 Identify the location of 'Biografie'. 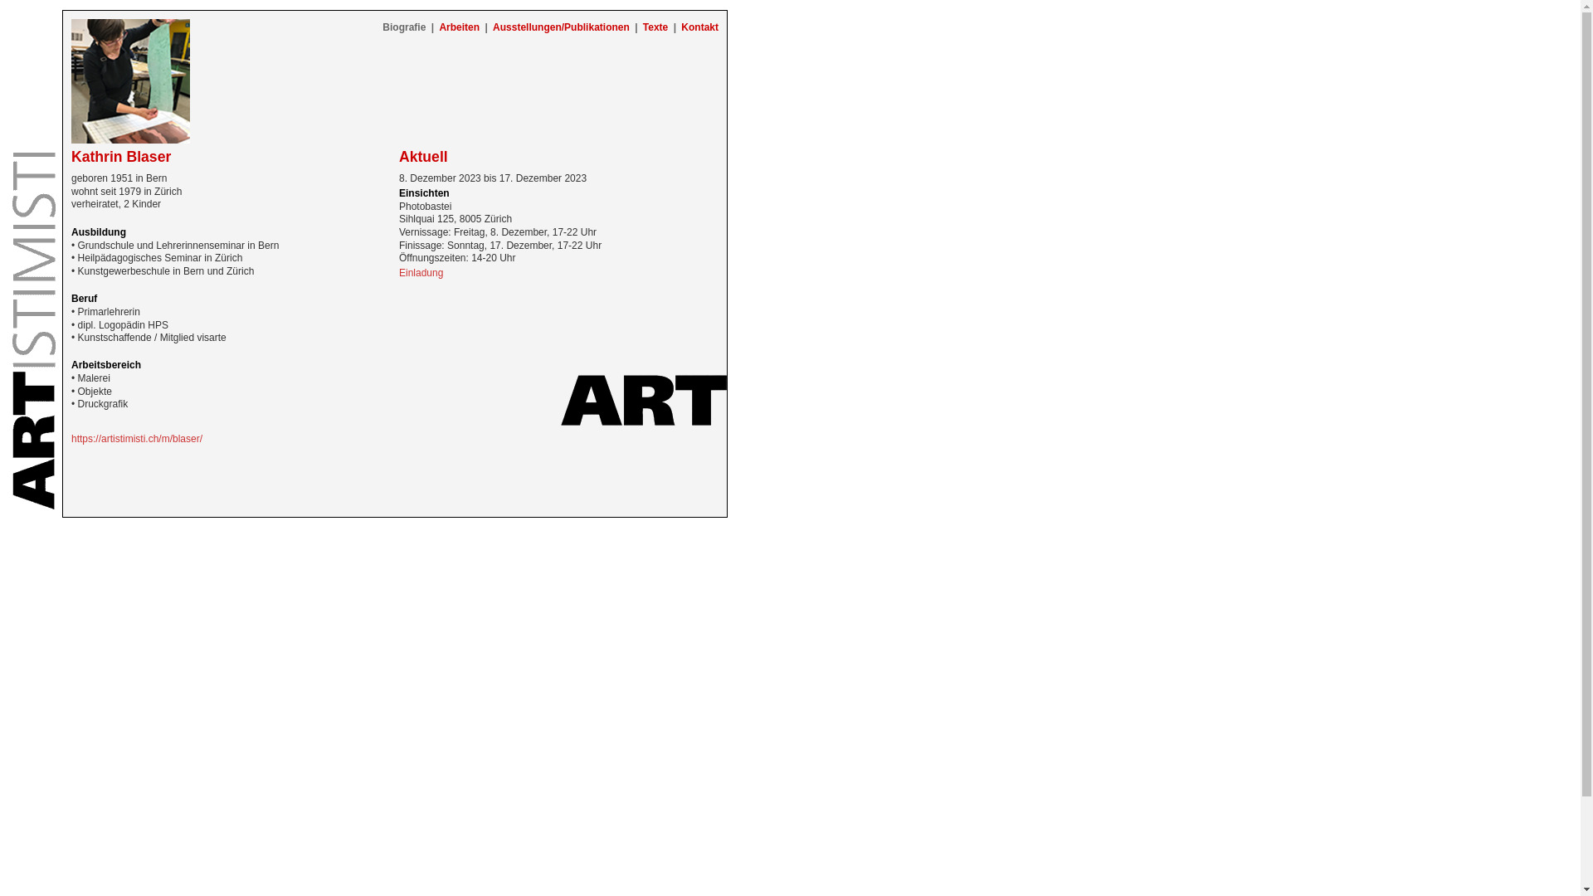
(378, 27).